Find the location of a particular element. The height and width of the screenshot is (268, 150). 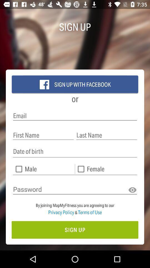

the text box which says last name is located at coordinates (106, 135).